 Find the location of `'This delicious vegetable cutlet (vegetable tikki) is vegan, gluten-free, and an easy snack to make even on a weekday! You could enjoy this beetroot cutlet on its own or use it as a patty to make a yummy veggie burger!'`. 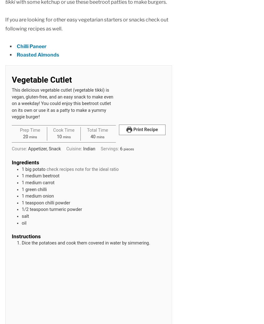

'This delicious vegetable cutlet (vegetable tikki) is vegan, gluten-free, and an easy snack to make even on a weekday! You could enjoy this beetroot cutlet on its own or use it as a patty to make a yummy veggie burger!' is located at coordinates (62, 103).